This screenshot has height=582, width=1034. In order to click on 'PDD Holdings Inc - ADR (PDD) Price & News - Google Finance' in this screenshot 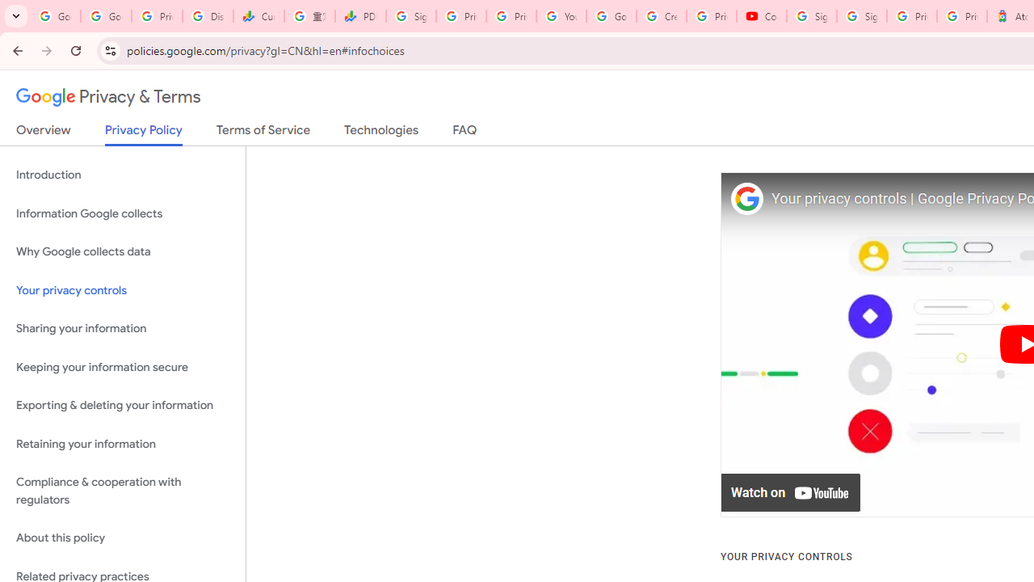, I will do `click(359, 16)`.